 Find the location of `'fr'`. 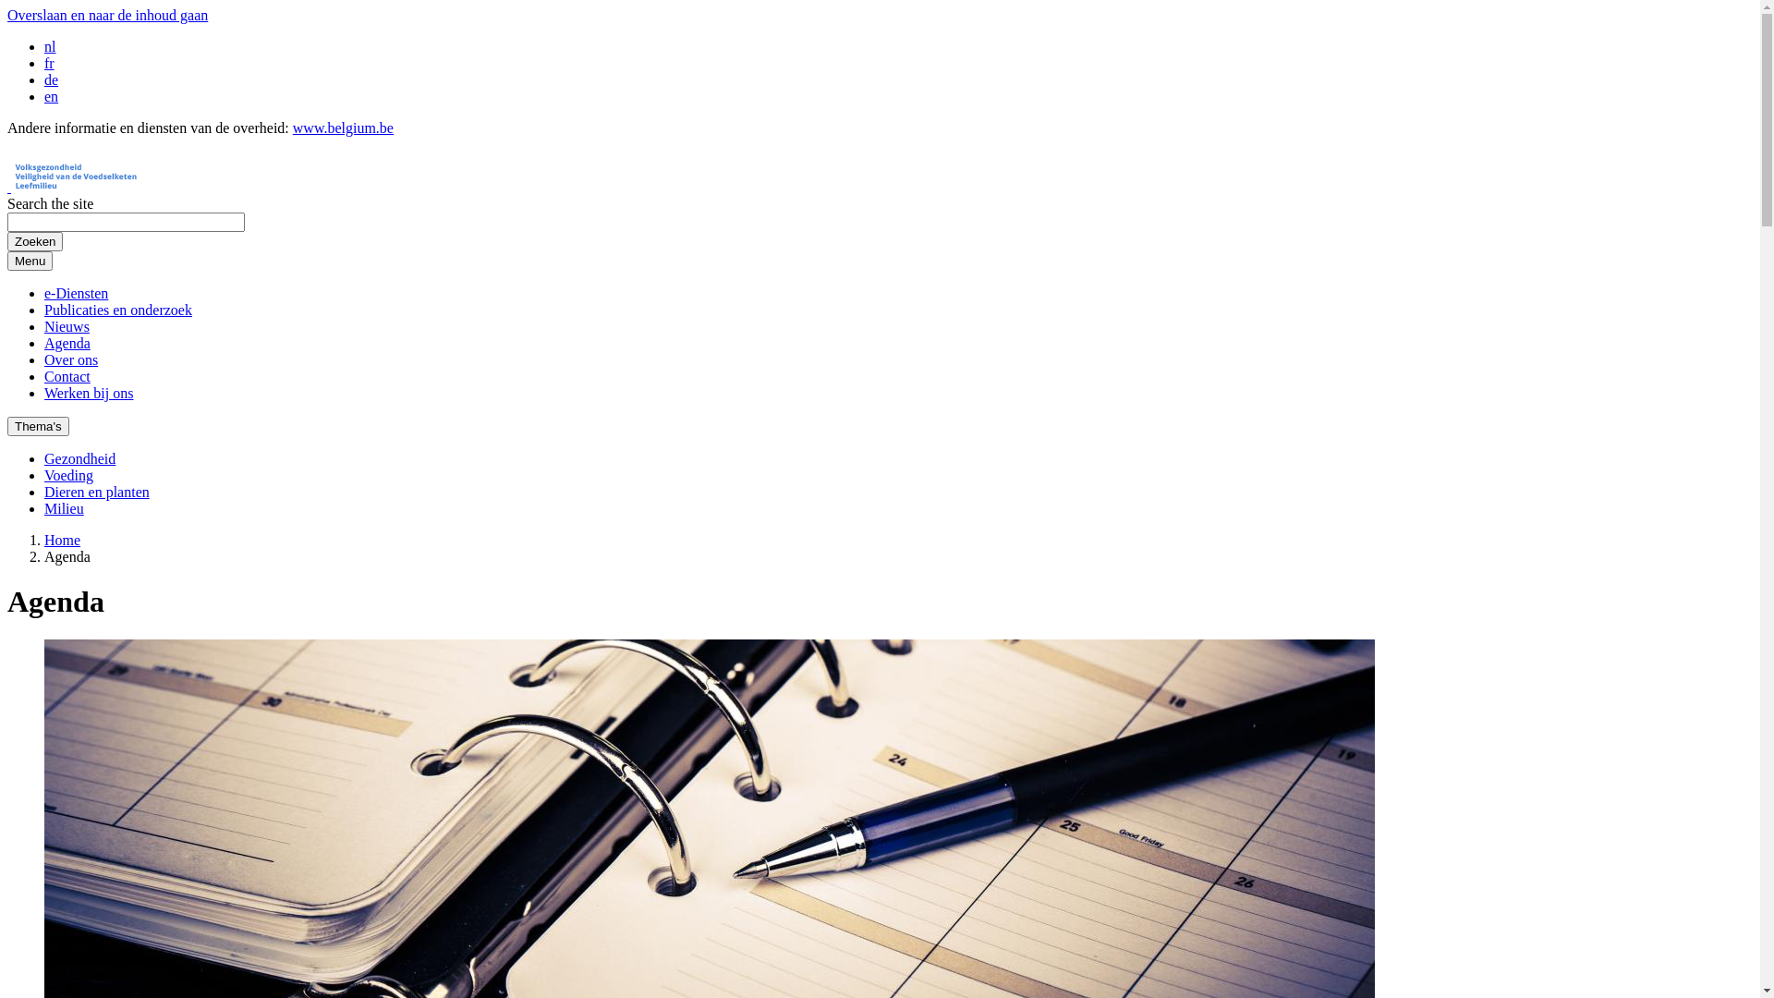

'fr' is located at coordinates (44, 62).